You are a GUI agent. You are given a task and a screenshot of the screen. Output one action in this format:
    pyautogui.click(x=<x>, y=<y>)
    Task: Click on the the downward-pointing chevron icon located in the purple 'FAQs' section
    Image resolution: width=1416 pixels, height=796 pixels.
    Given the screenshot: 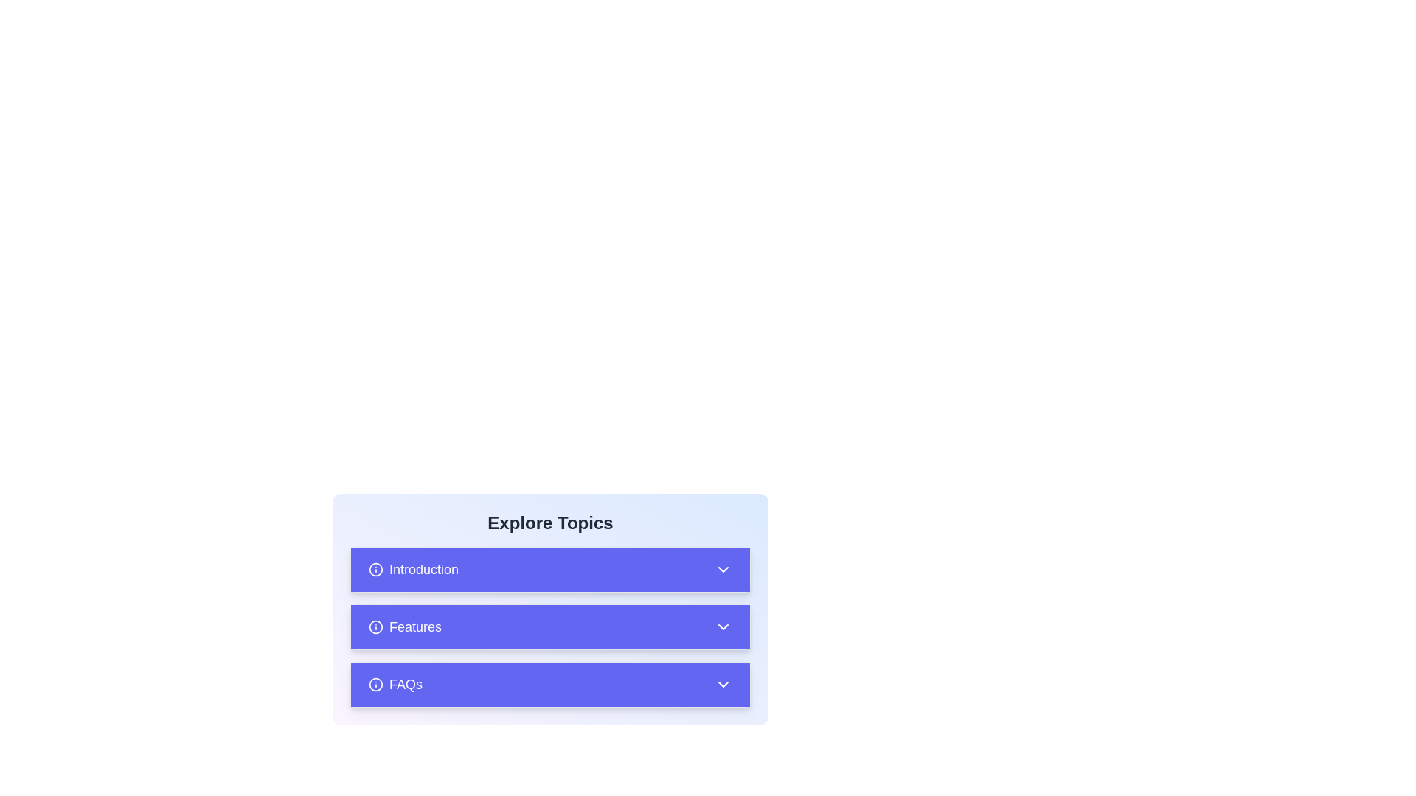 What is the action you would take?
    pyautogui.click(x=723, y=685)
    